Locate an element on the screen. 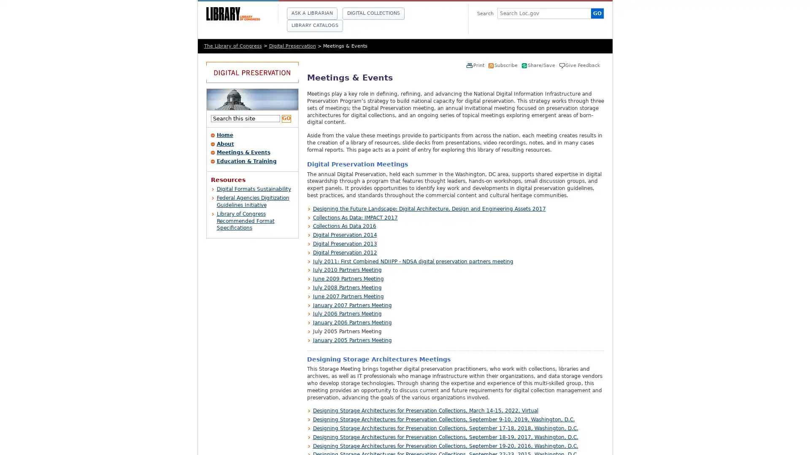  GO is located at coordinates (286, 118).